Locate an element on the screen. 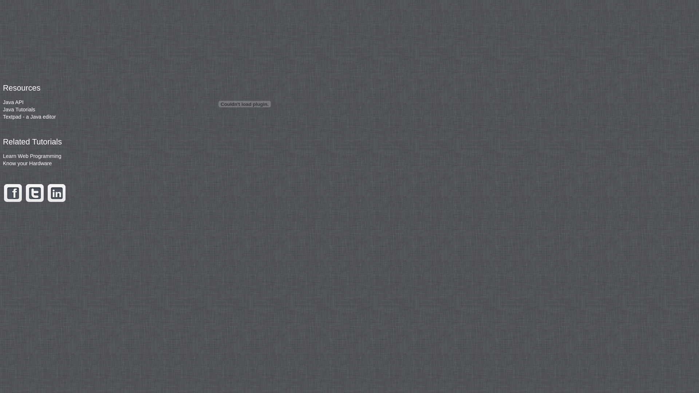 This screenshot has height=393, width=699. 'Learn Web Programming' is located at coordinates (32, 155).